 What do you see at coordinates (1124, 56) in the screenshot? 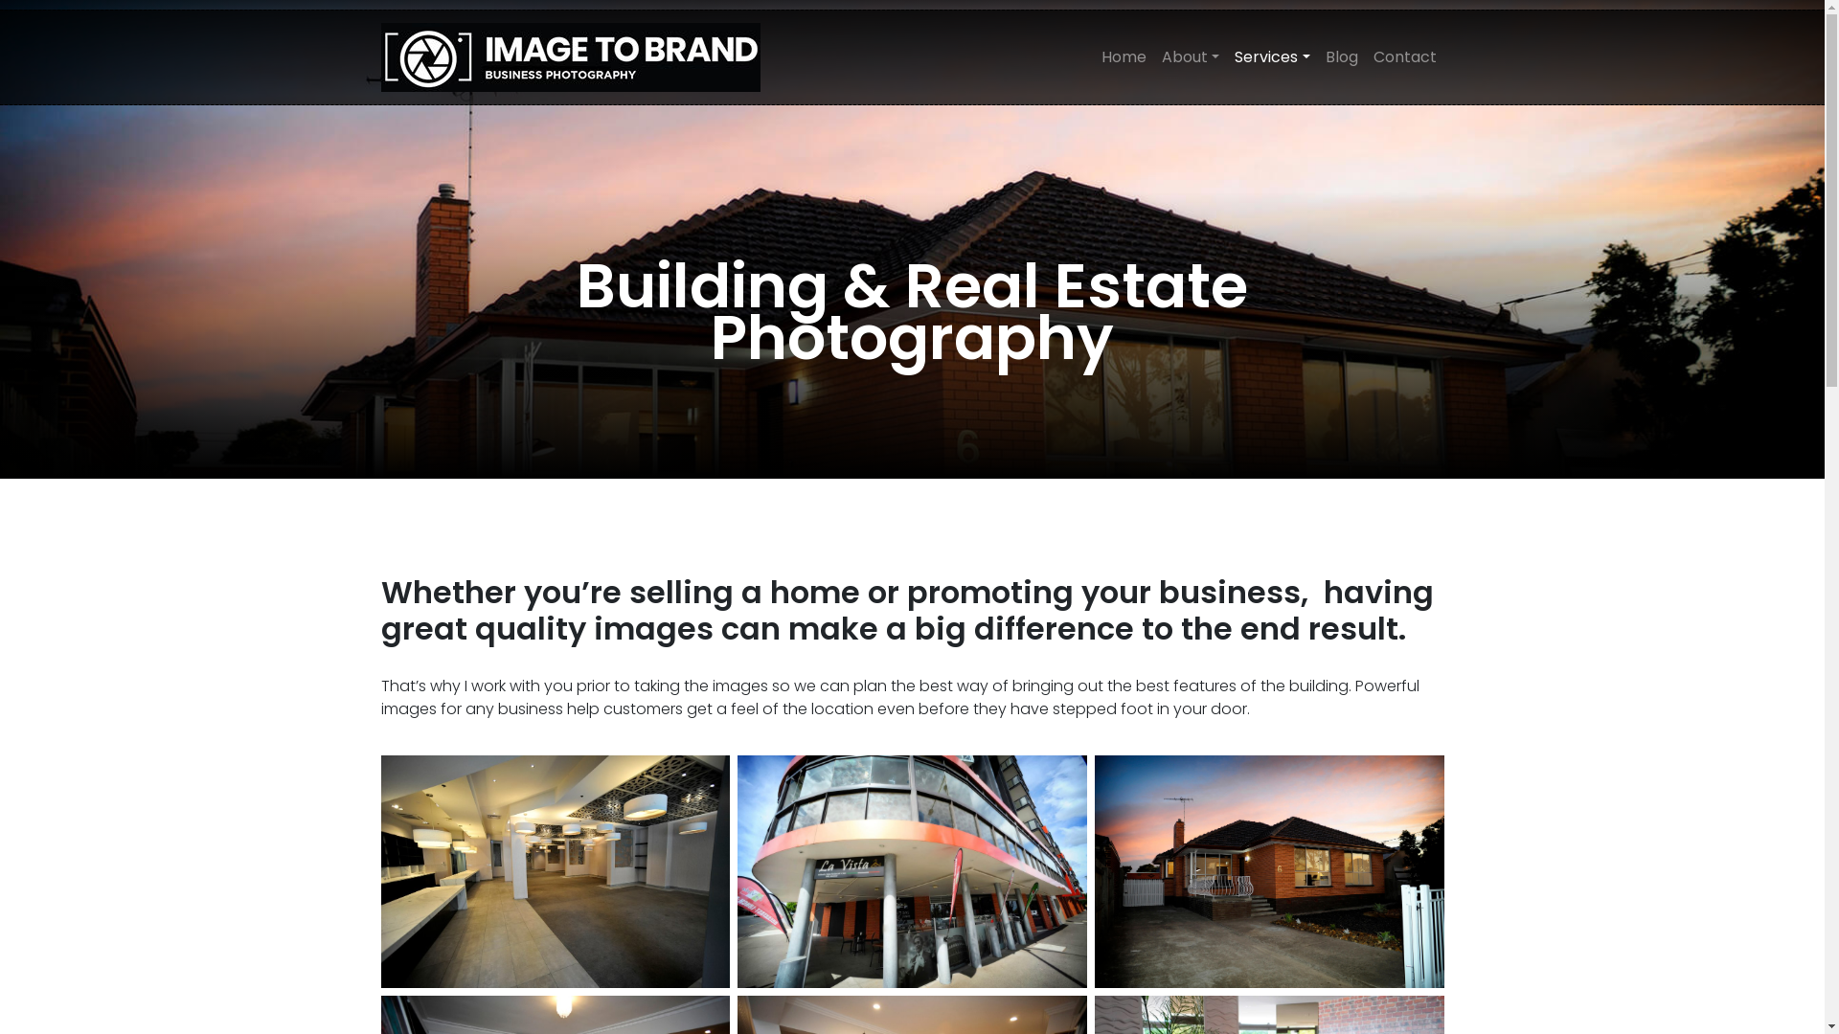
I see `'Home'` at bounding box center [1124, 56].